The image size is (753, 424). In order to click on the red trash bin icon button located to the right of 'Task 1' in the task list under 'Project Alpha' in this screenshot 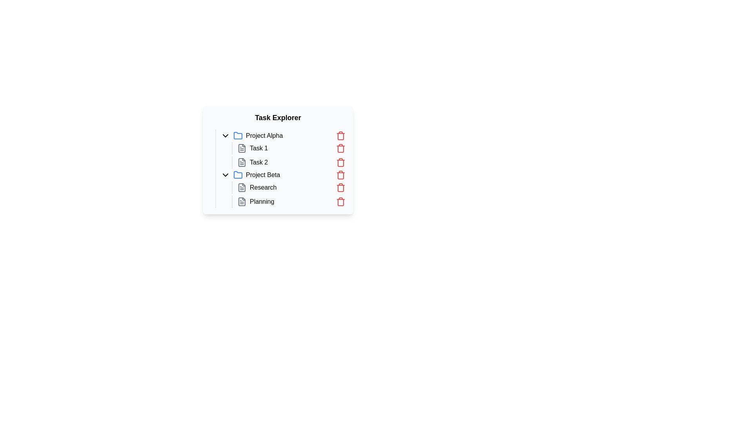, I will do `click(340, 148)`.